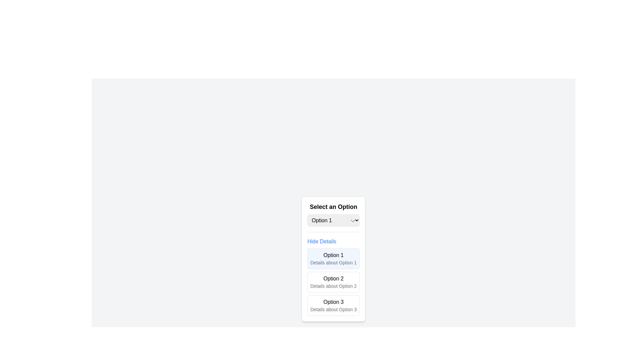 This screenshot has height=361, width=642. What do you see at coordinates (333, 302) in the screenshot?
I see `the text label for 'Option 3' that identifies this choice within the modal interface` at bounding box center [333, 302].